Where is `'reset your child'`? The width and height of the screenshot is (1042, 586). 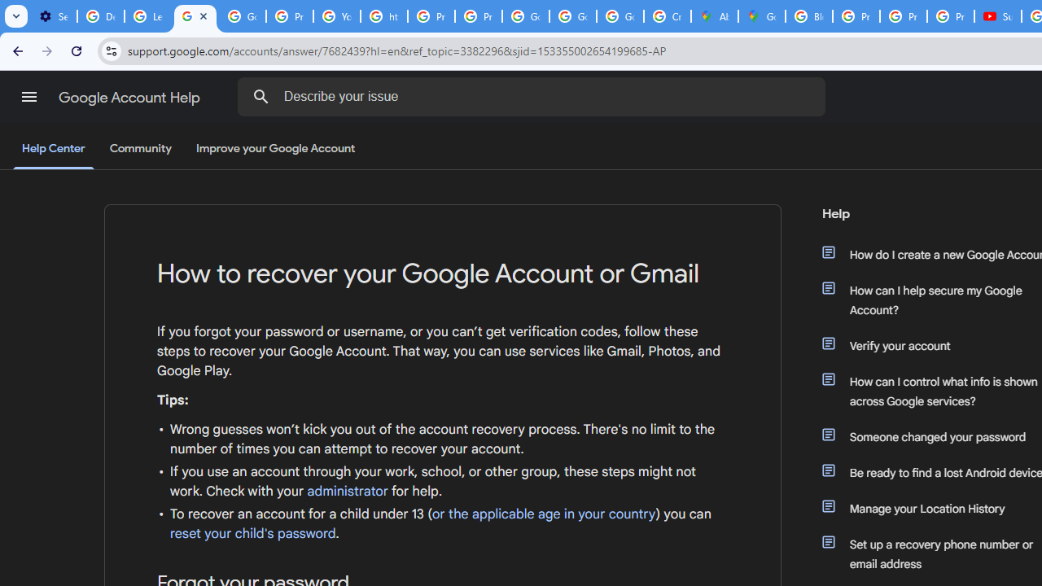 'reset your child' is located at coordinates (252, 533).